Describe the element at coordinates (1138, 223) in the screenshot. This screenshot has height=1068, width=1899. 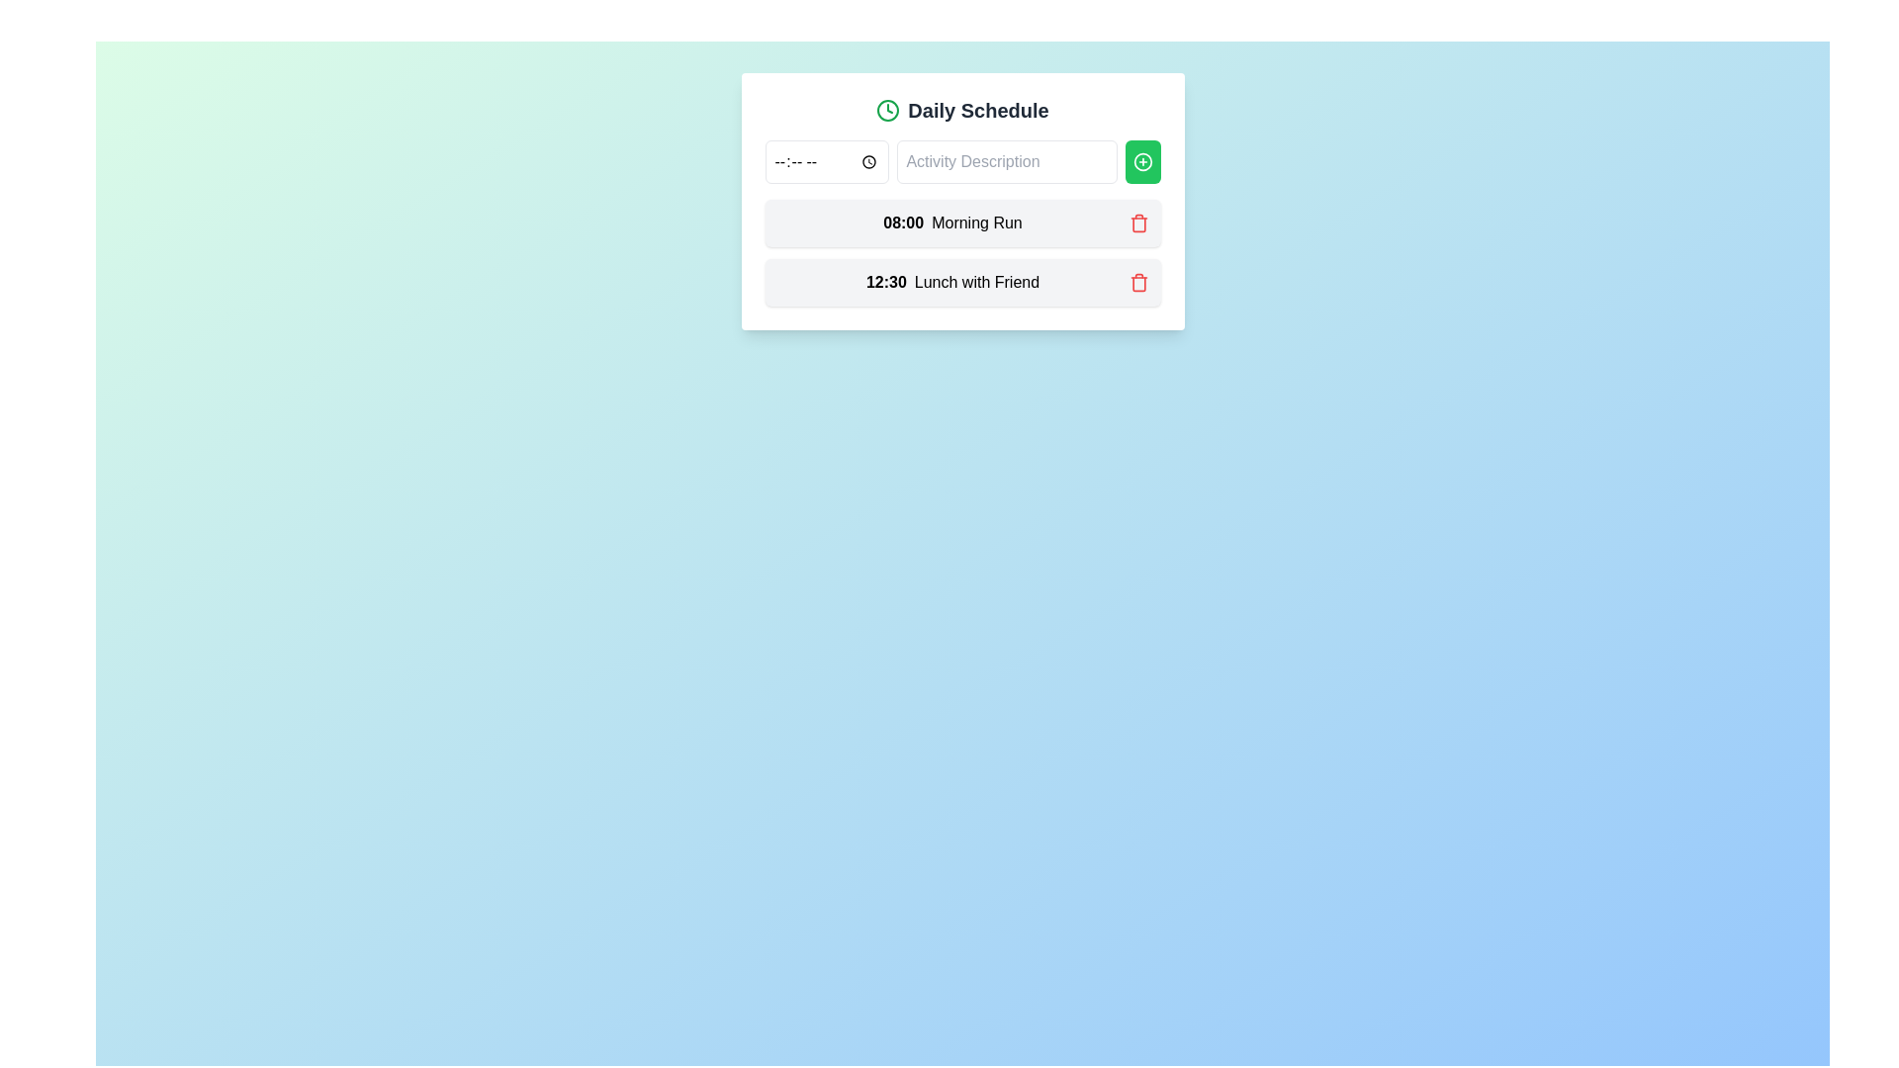
I see `the trash can icon located at the bottom-right corner of the schedule item labeled '12:30 Lunch with Friend'` at that location.